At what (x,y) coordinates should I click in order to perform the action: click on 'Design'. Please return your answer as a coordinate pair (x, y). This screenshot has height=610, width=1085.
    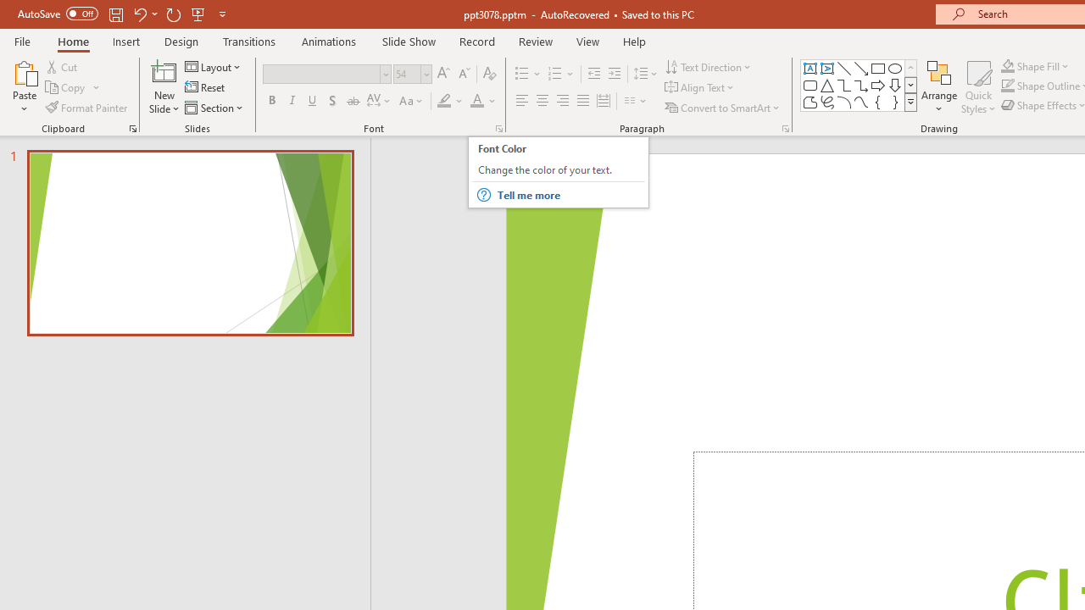
    Looking at the image, I should click on (181, 41).